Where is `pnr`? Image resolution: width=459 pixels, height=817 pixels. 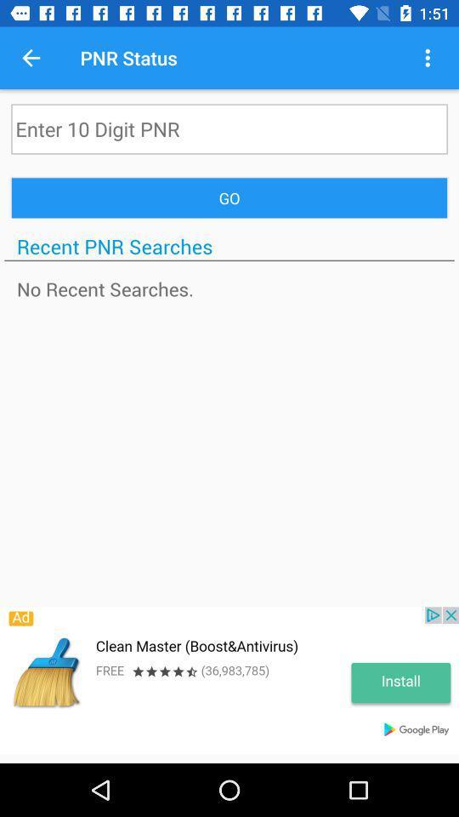 pnr is located at coordinates (229, 128).